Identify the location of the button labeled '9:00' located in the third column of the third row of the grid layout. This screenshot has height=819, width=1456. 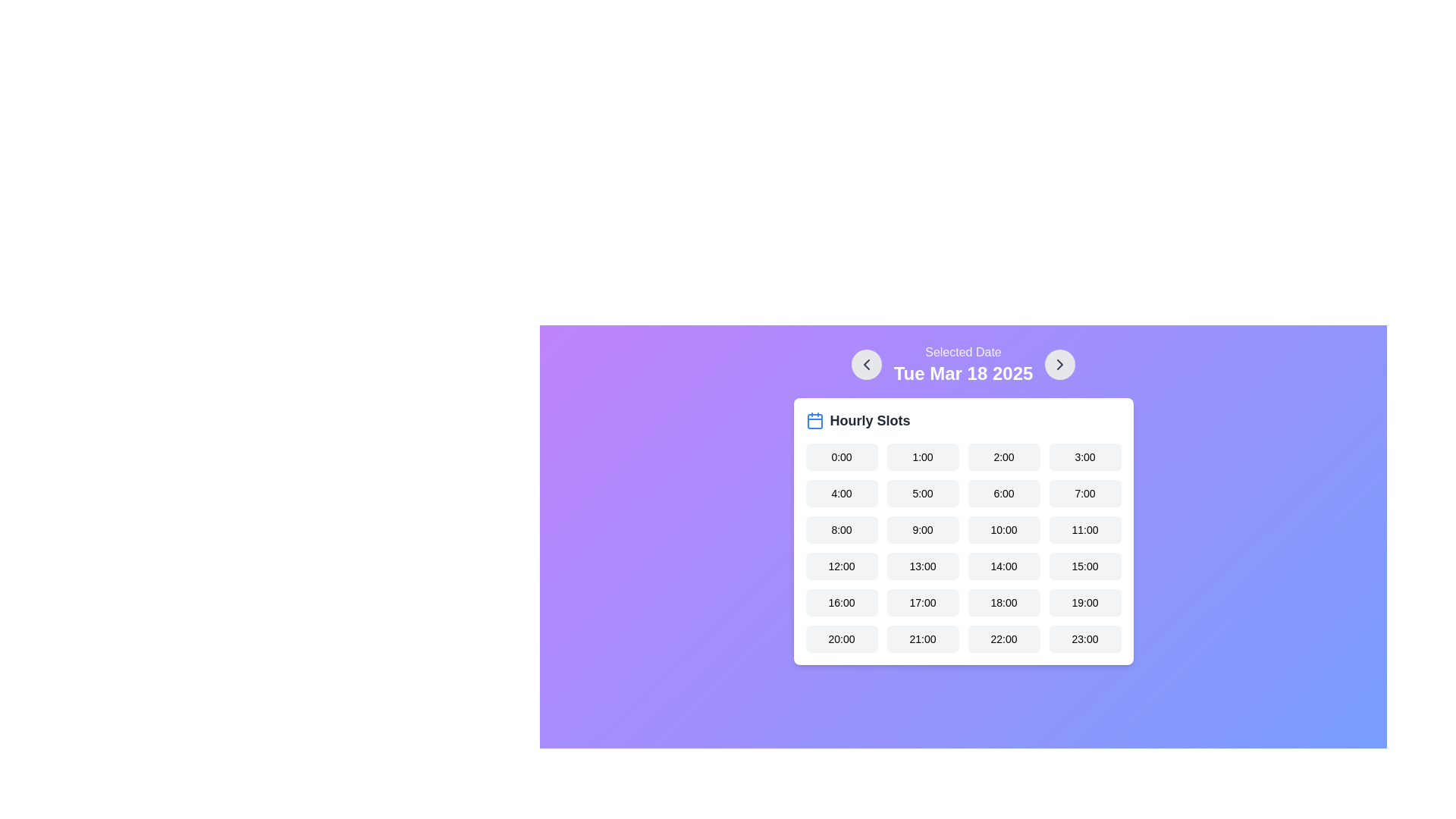
(922, 529).